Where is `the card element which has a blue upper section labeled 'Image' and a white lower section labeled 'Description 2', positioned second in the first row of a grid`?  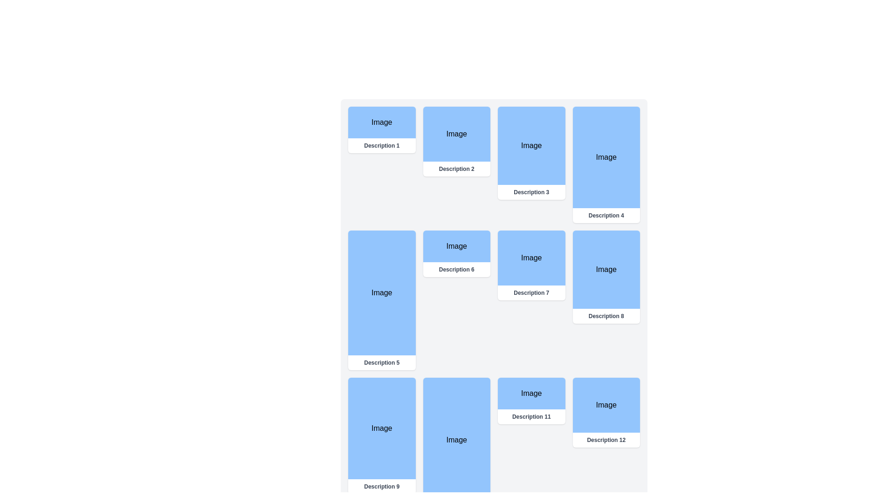
the card element which has a blue upper section labeled 'Image' and a white lower section labeled 'Description 2', positioned second in the first row of a grid is located at coordinates (456, 142).